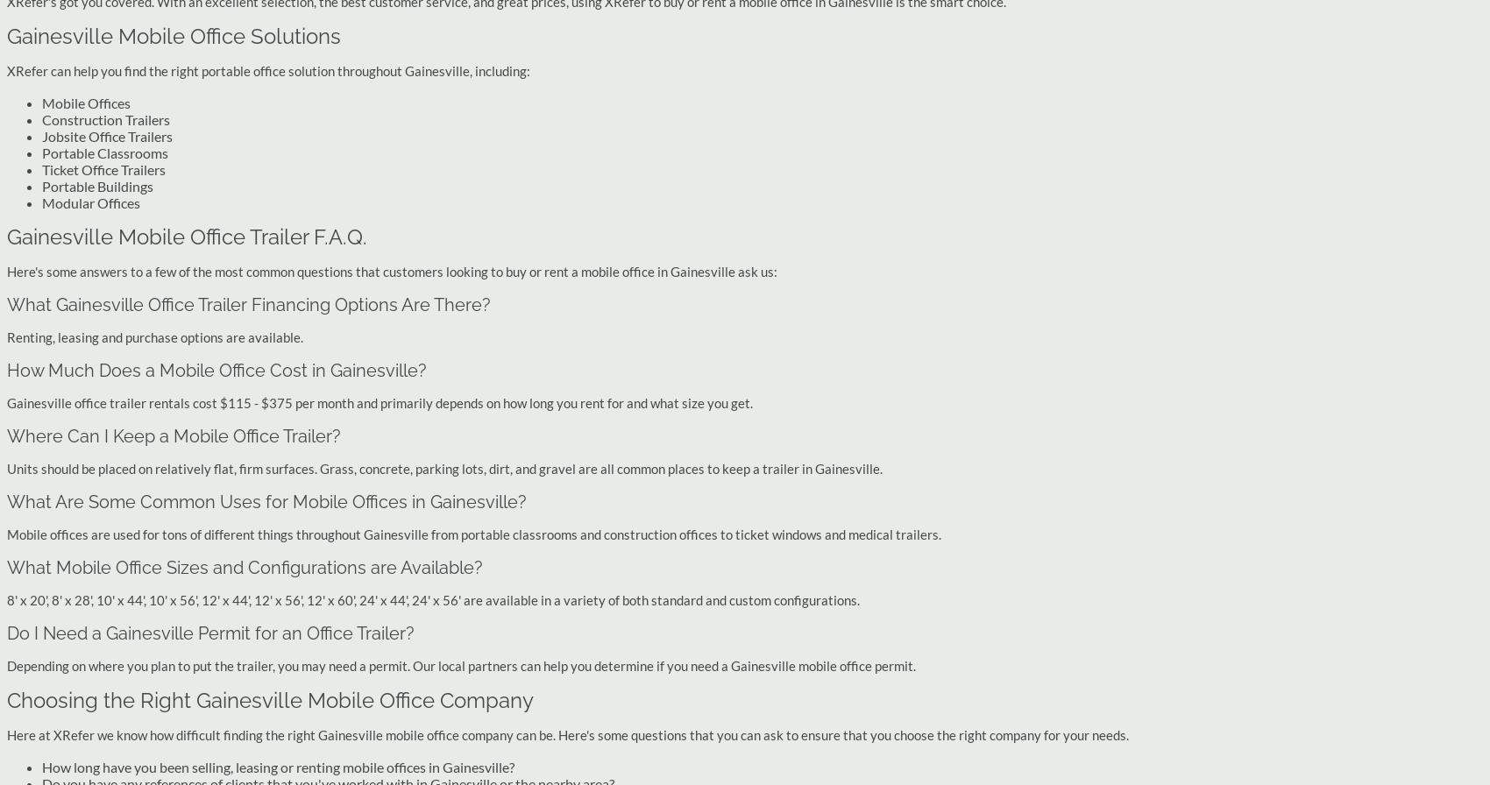  Describe the element at coordinates (461, 665) in the screenshot. I see `'Depending on where you plan to put the trailer, you may need a permit. Our local partners can help you determine if you need a Gainesville mobile office permit.'` at that location.